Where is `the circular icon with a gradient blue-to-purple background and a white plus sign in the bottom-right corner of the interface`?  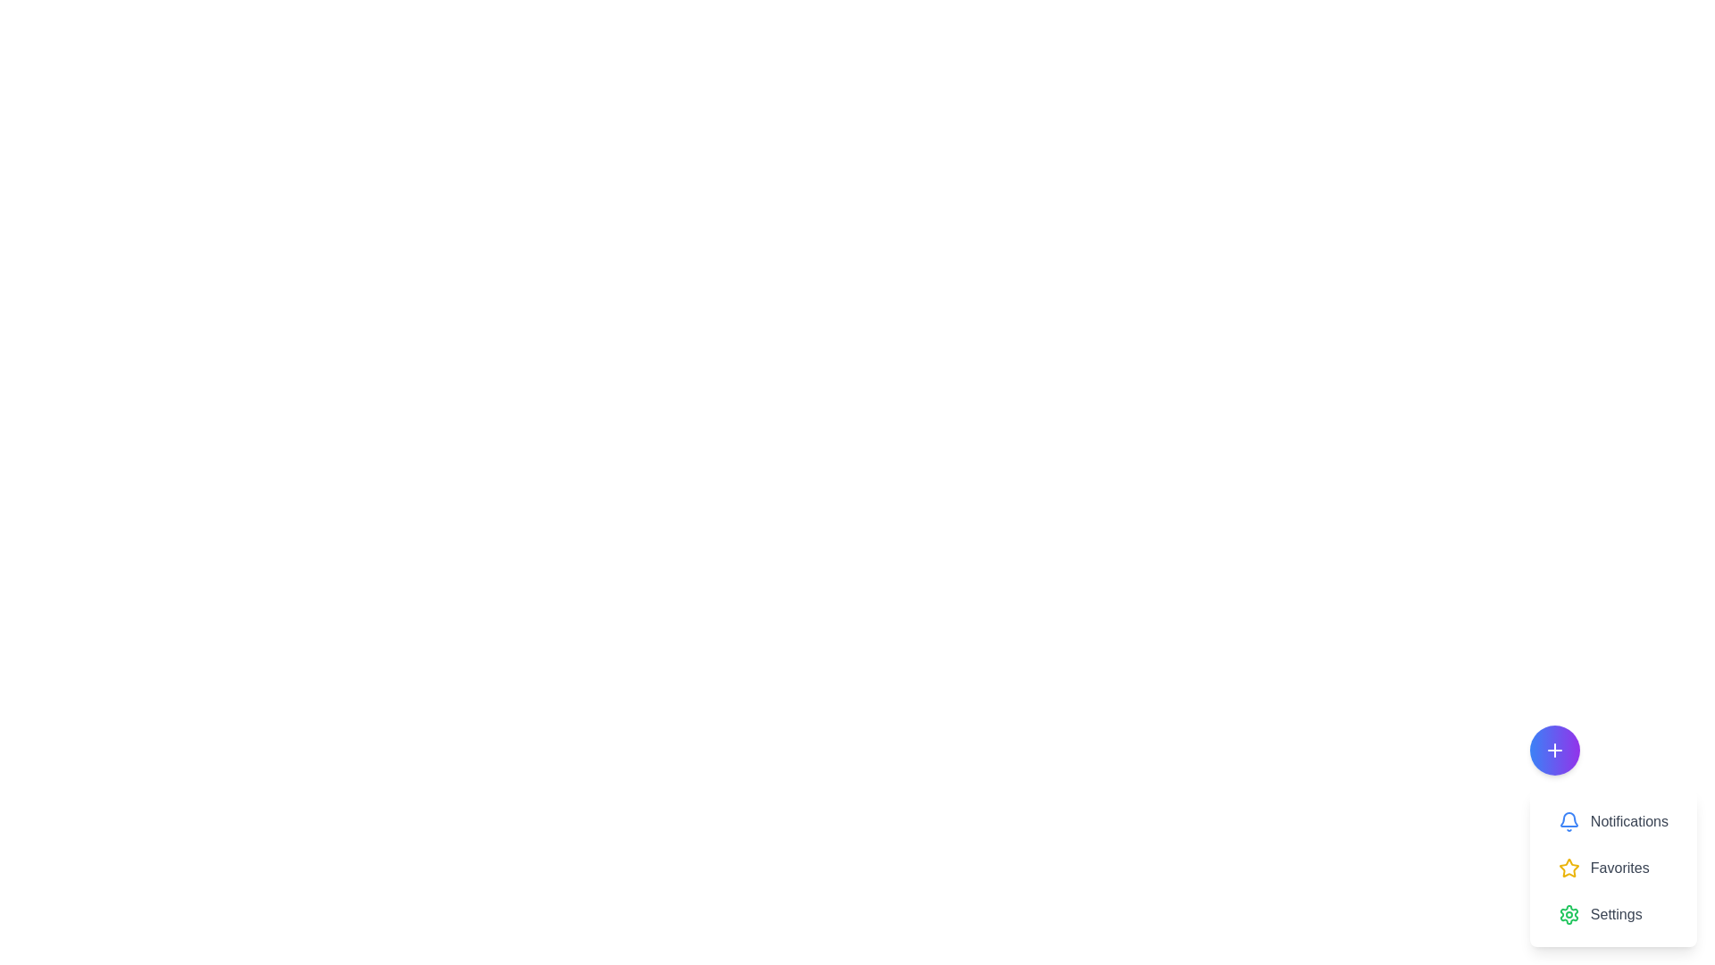
the circular icon with a gradient blue-to-purple background and a white plus sign in the bottom-right corner of the interface is located at coordinates (1553, 751).